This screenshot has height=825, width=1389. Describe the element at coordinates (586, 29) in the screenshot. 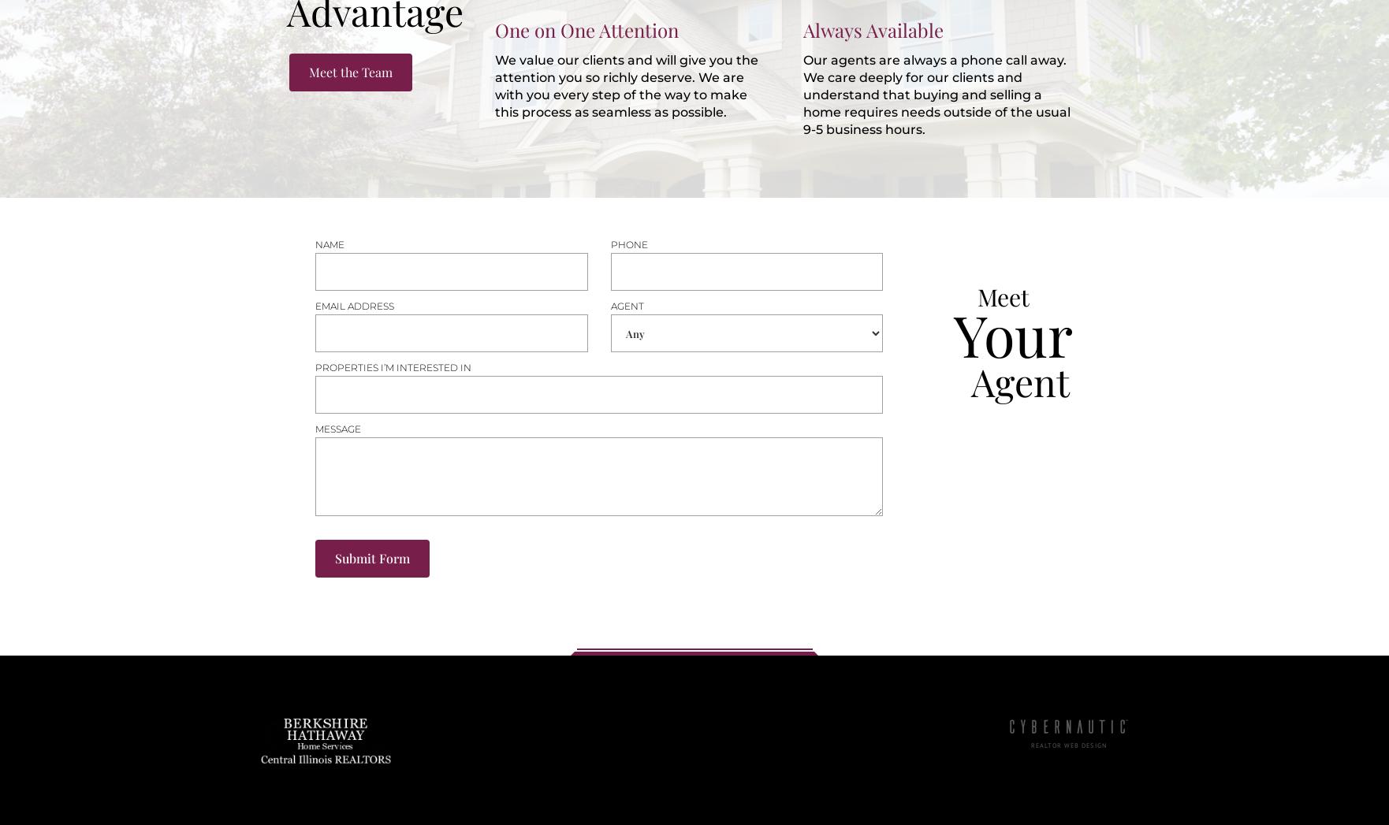

I see `'One on One Attention'` at that location.